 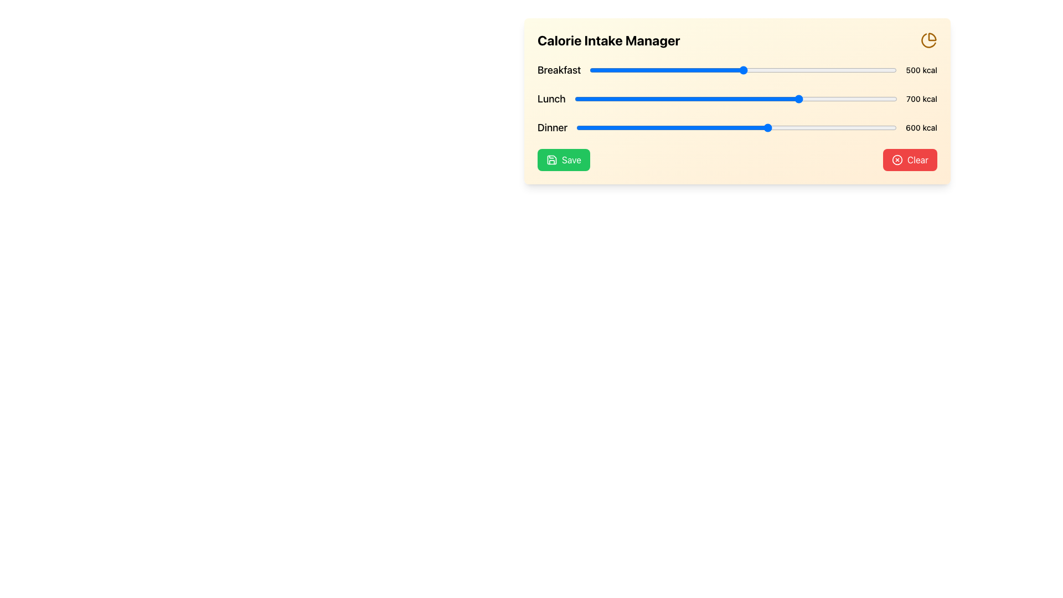 What do you see at coordinates (620, 70) in the screenshot?
I see `the breakfast calorie intake` at bounding box center [620, 70].